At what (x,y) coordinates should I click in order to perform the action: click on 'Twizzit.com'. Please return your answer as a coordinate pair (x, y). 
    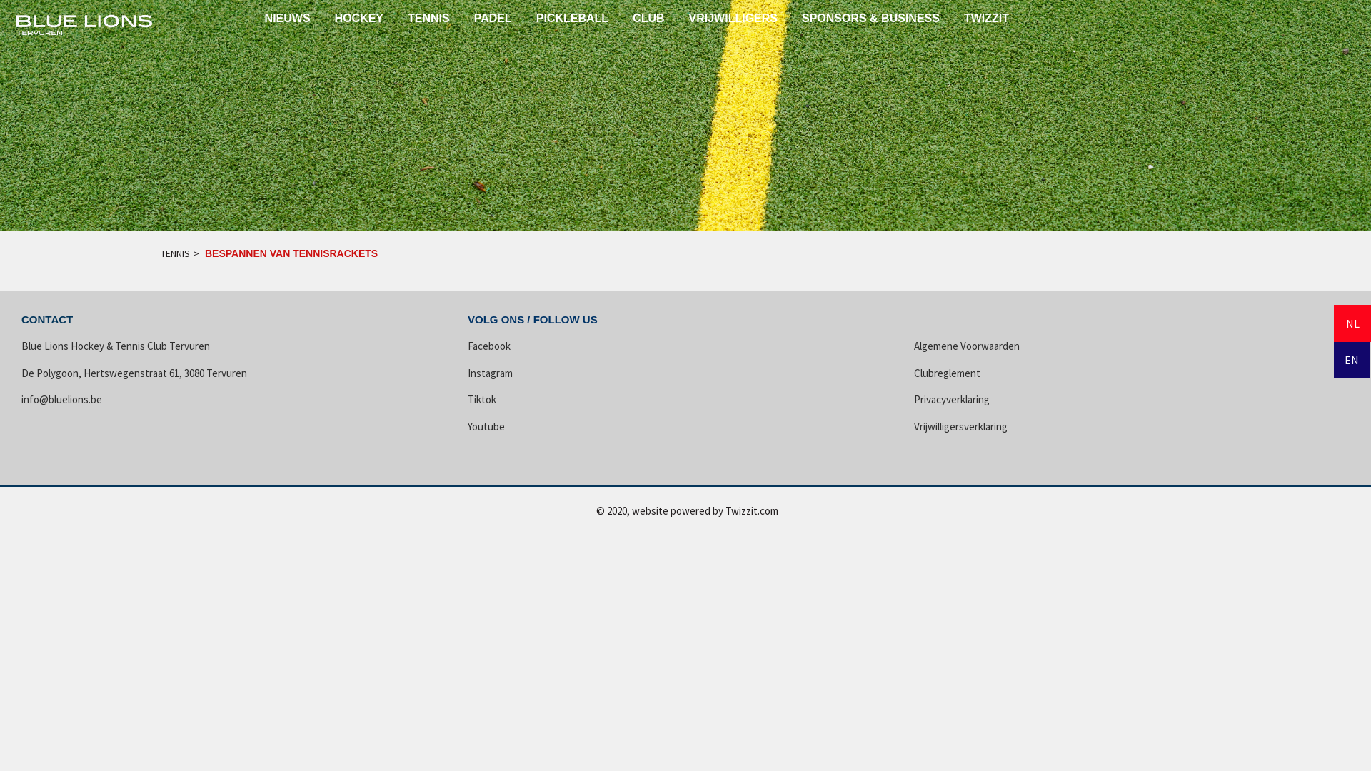
    Looking at the image, I should click on (750, 510).